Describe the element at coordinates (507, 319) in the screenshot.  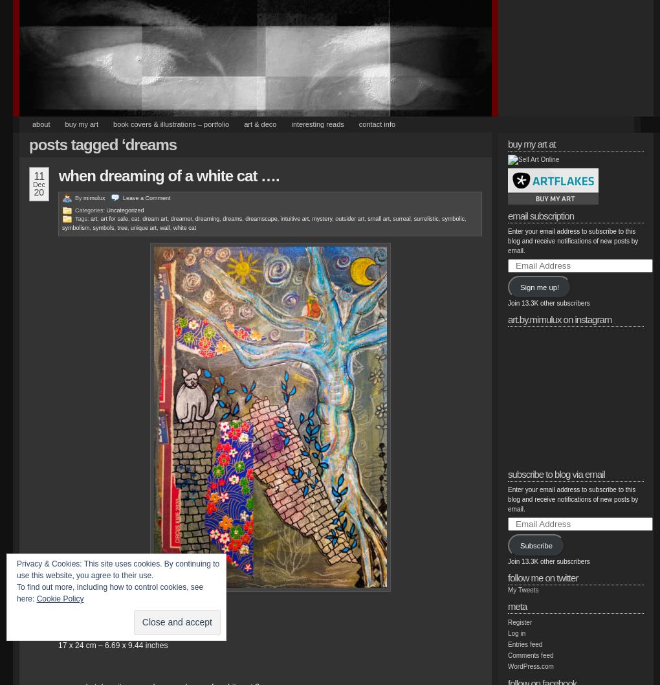
I see `'art.by.mimulux on INSTAGRAM'` at that location.